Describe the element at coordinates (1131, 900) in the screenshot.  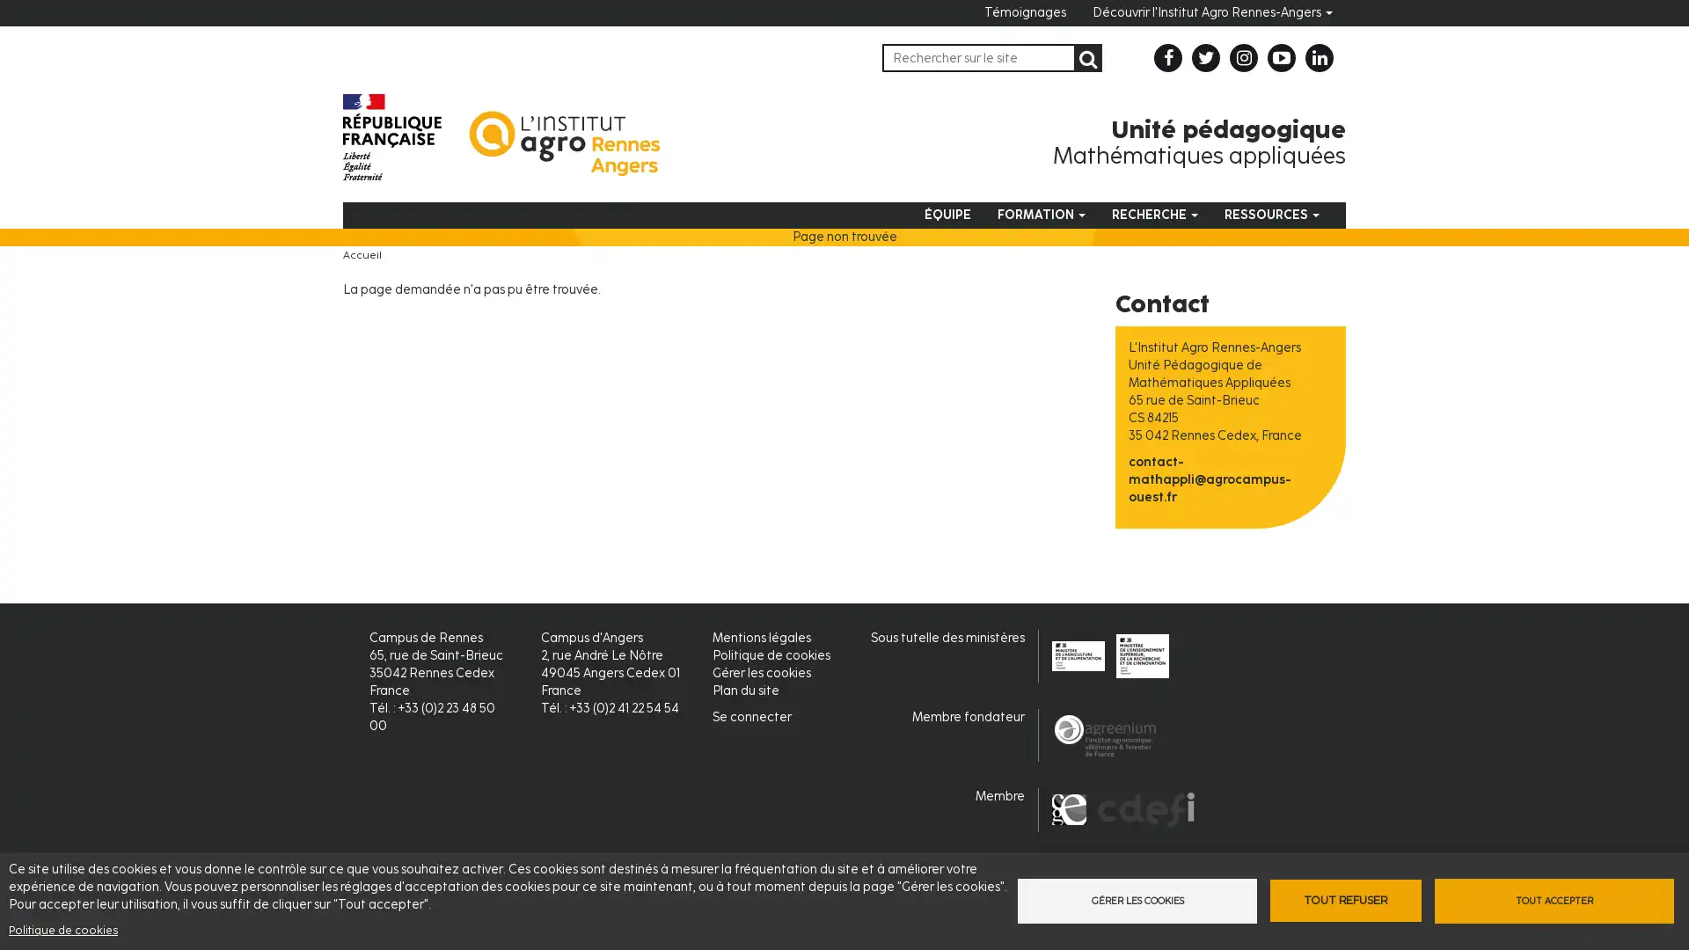
I see `GERER LES COOKIES` at that location.